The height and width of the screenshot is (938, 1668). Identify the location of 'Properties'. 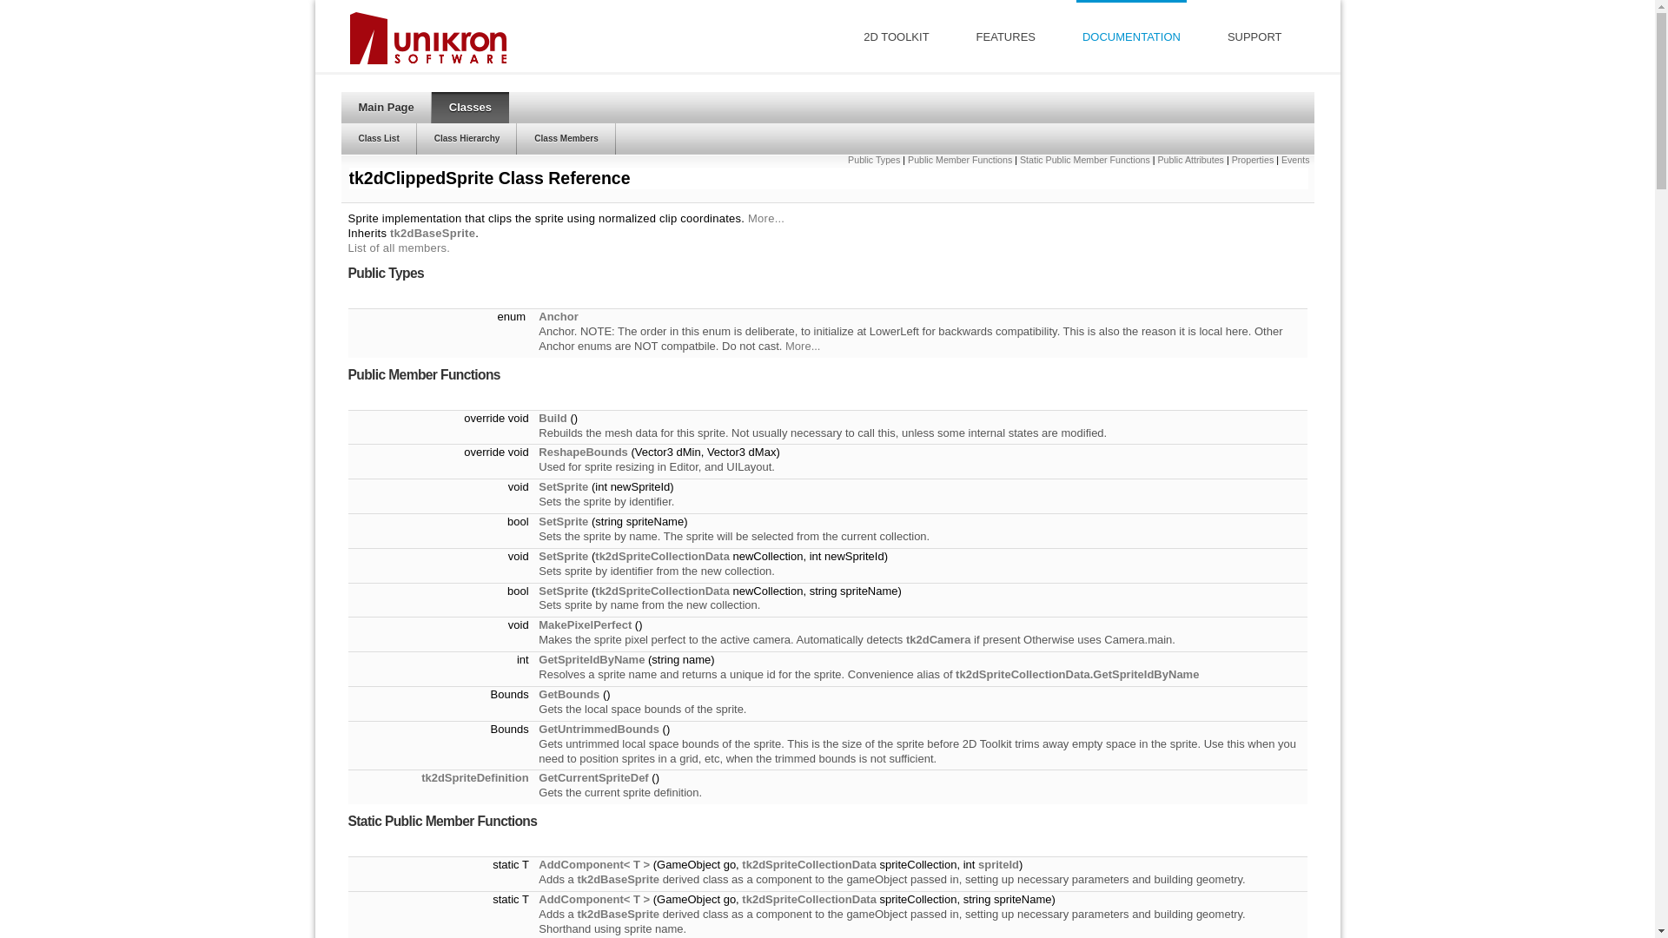
(1253, 160).